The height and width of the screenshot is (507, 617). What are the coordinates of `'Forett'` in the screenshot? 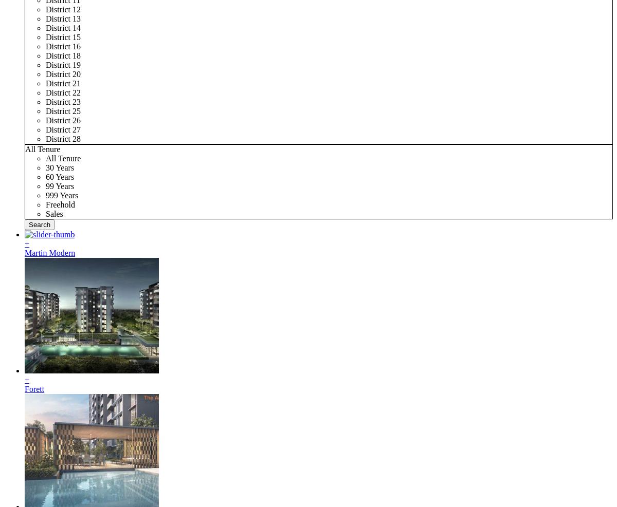 It's located at (34, 388).